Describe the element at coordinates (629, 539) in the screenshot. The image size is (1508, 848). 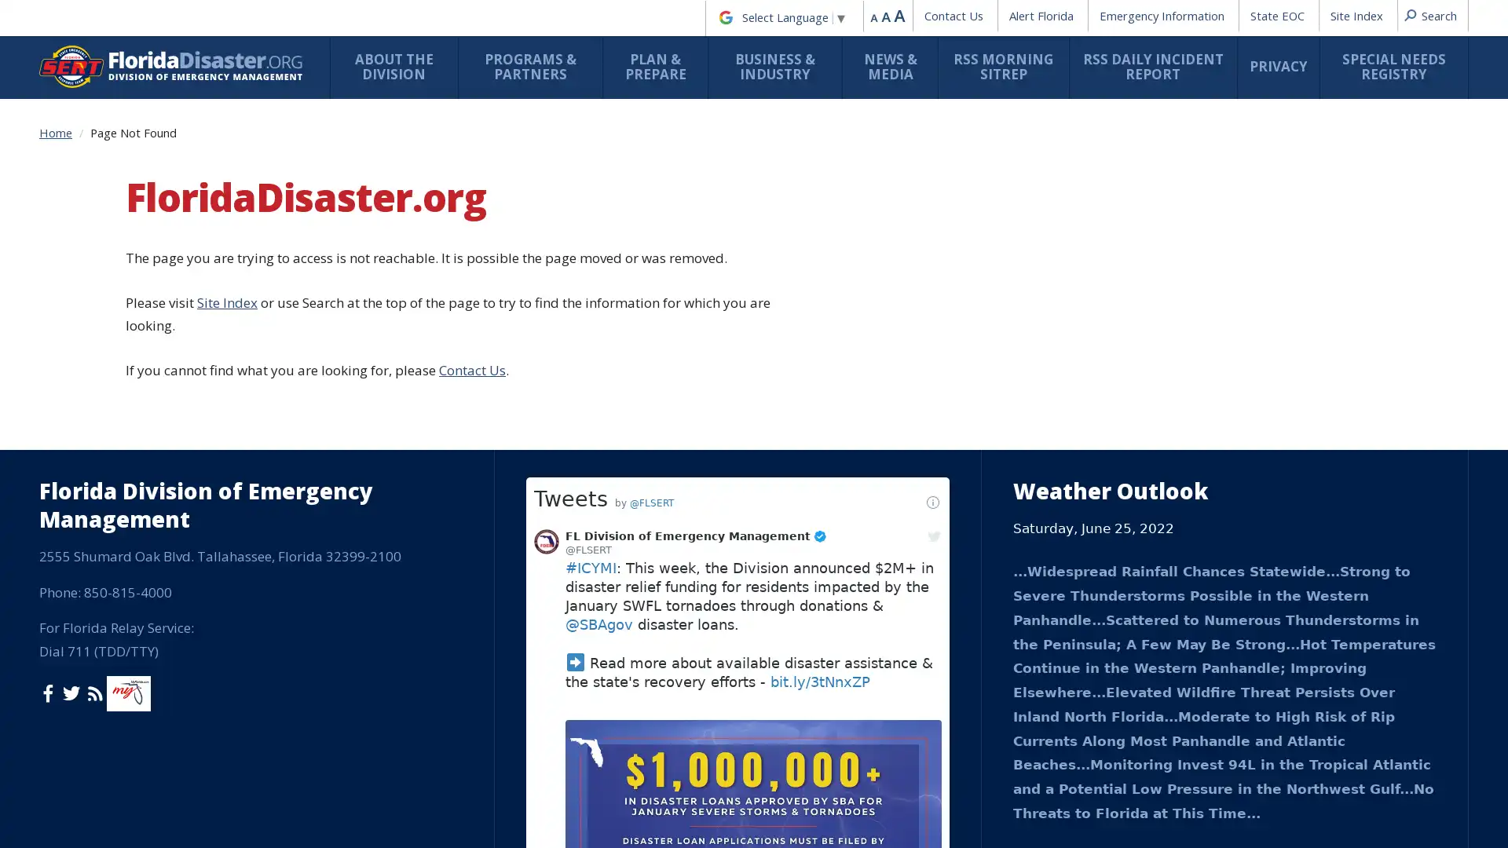
I see `Toggle More` at that location.